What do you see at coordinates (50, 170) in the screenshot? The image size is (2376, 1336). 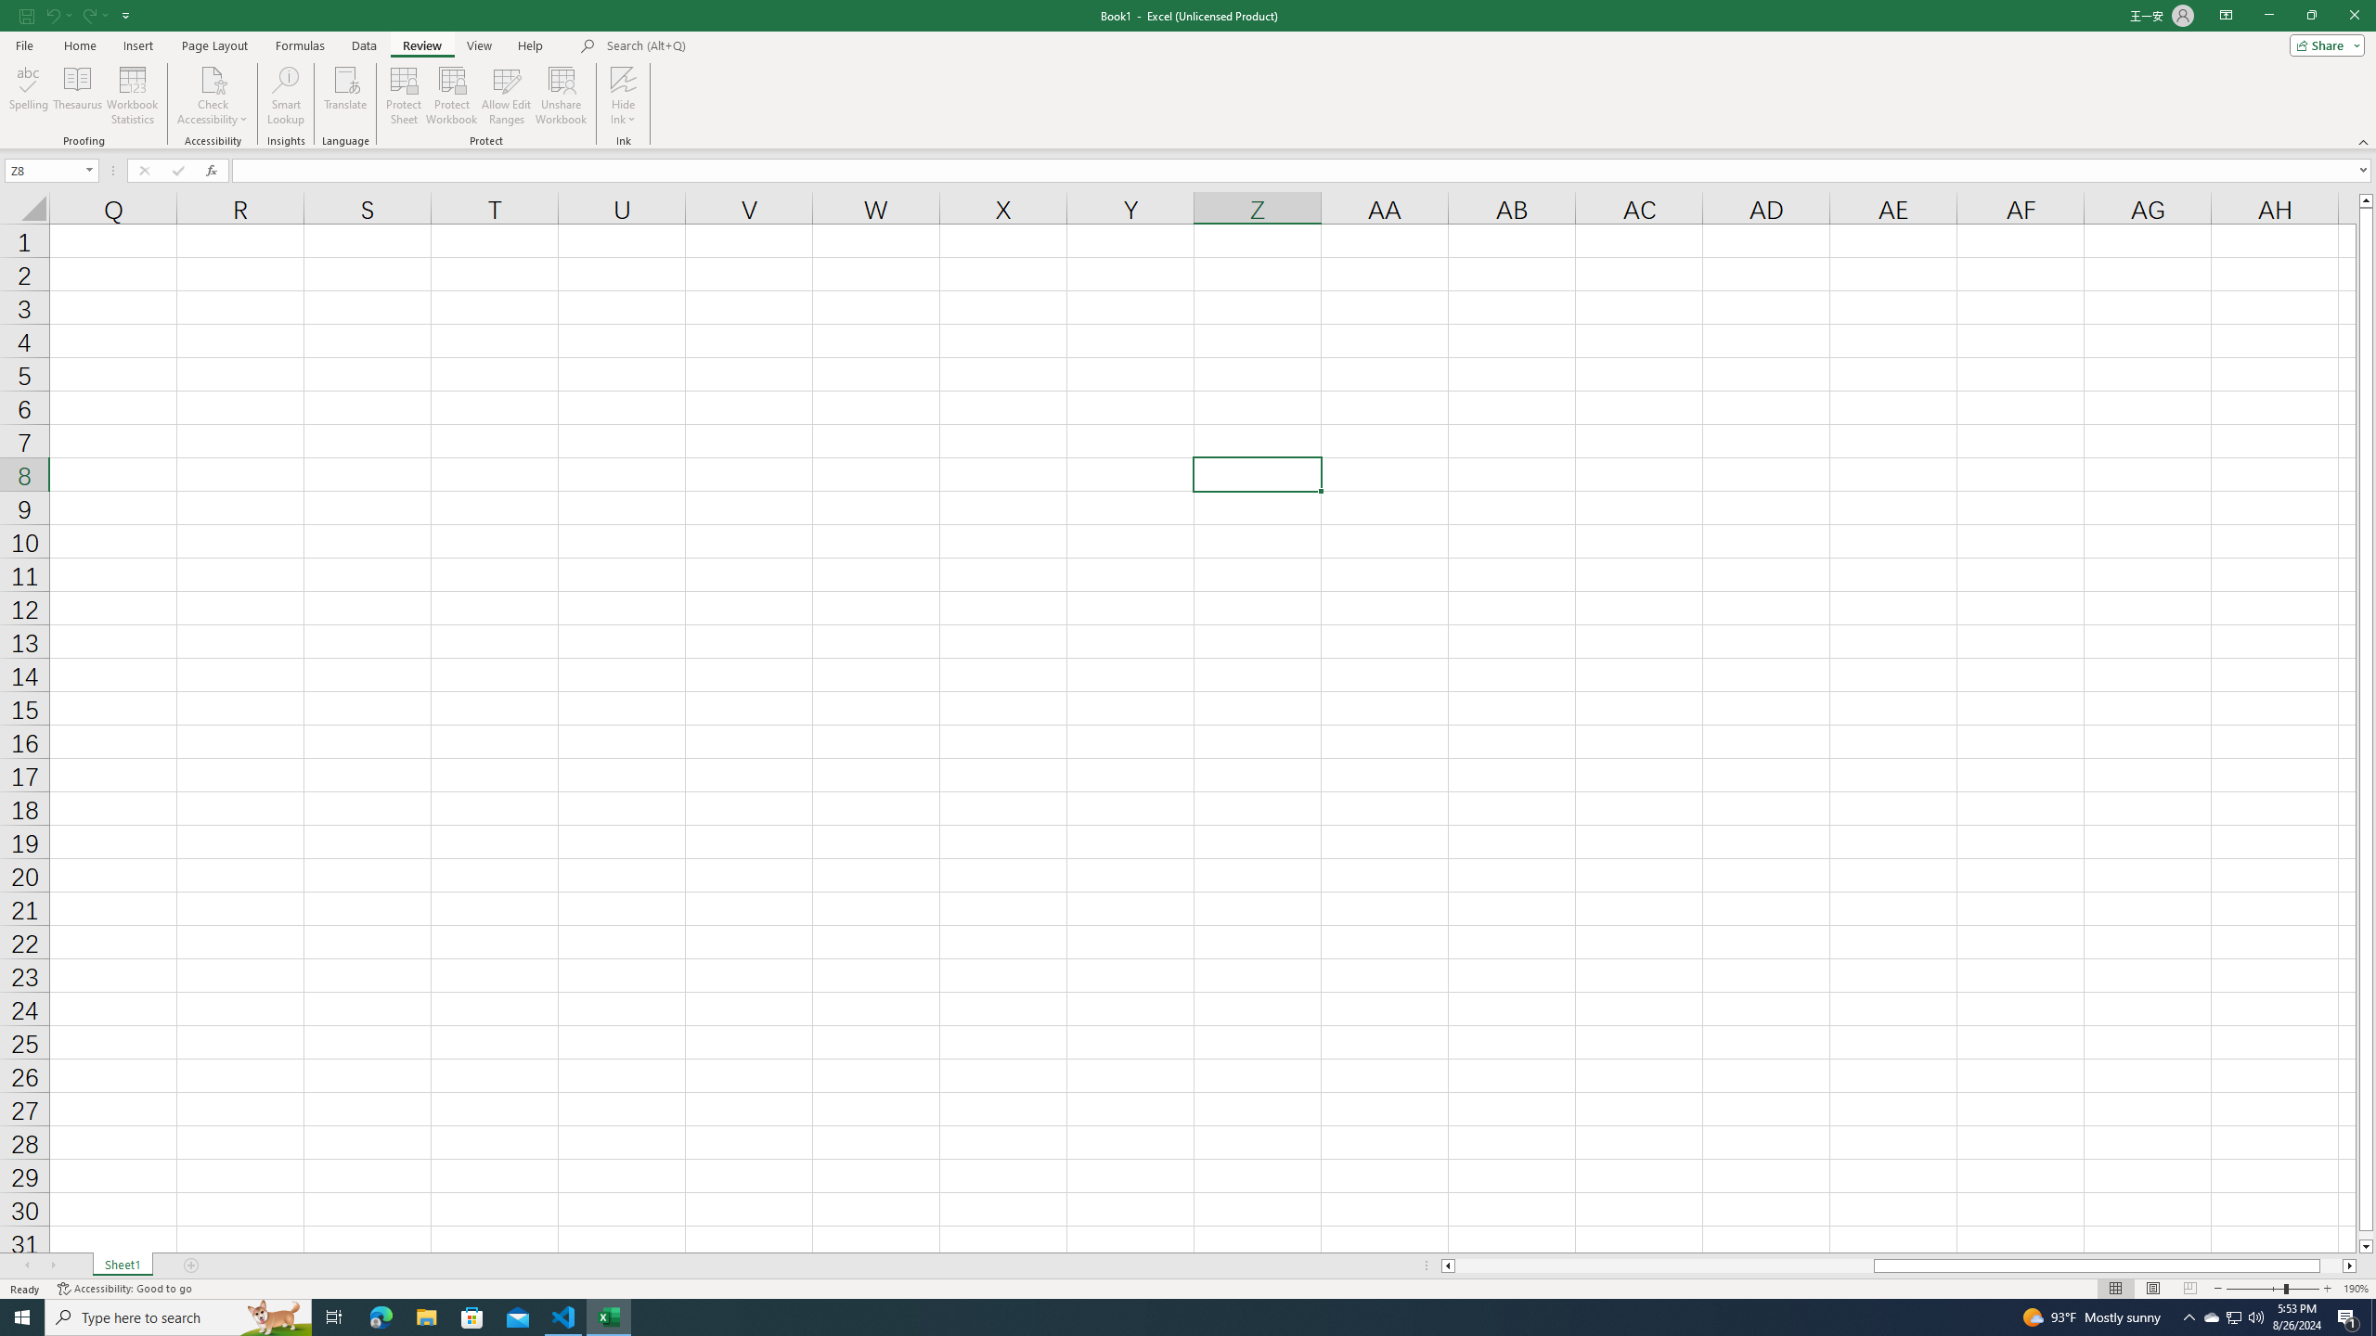 I see `'Name Box'` at bounding box center [50, 170].